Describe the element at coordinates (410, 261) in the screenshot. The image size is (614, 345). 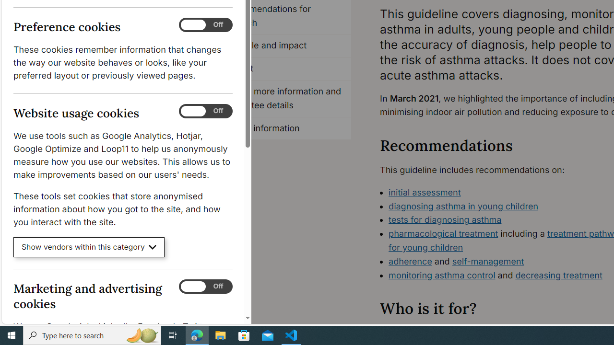
I see `'adherence'` at that location.